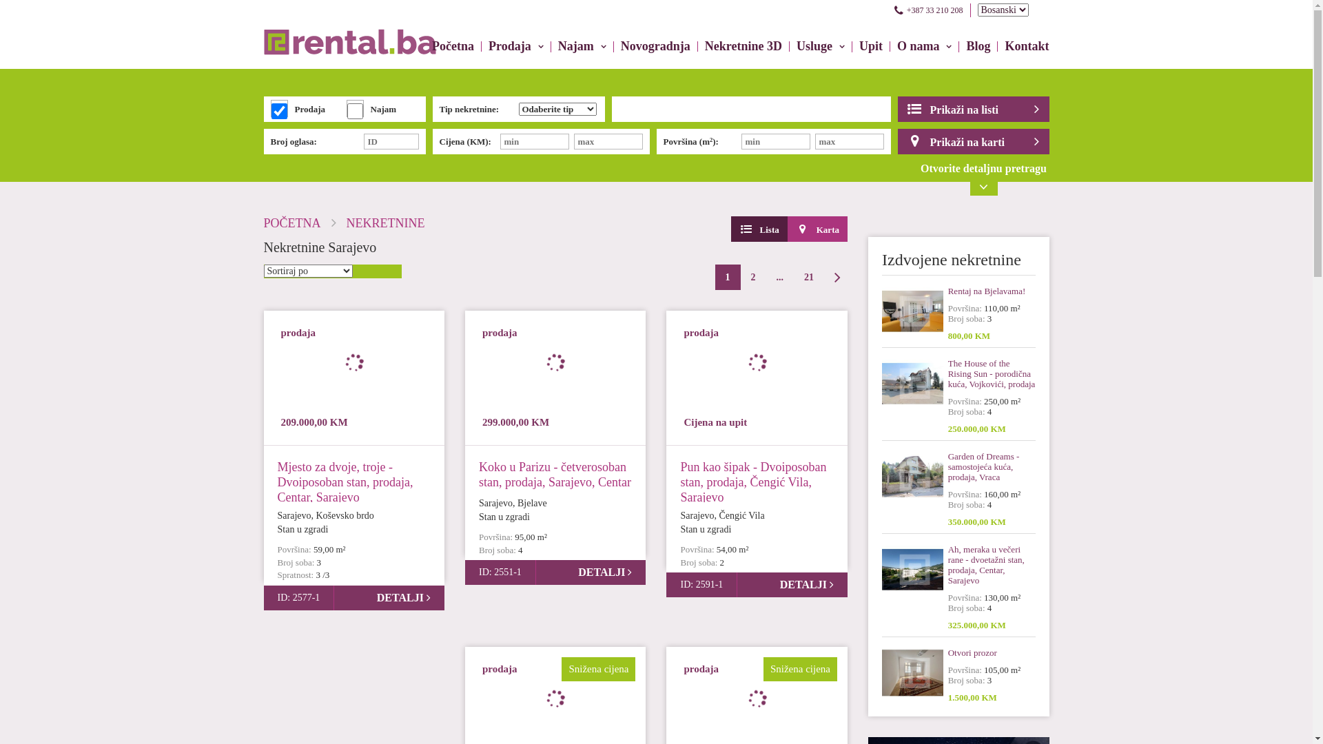 The image size is (1323, 744). What do you see at coordinates (908, 177) in the screenshot?
I see `'Otvorite detaljnu pretragu'` at bounding box center [908, 177].